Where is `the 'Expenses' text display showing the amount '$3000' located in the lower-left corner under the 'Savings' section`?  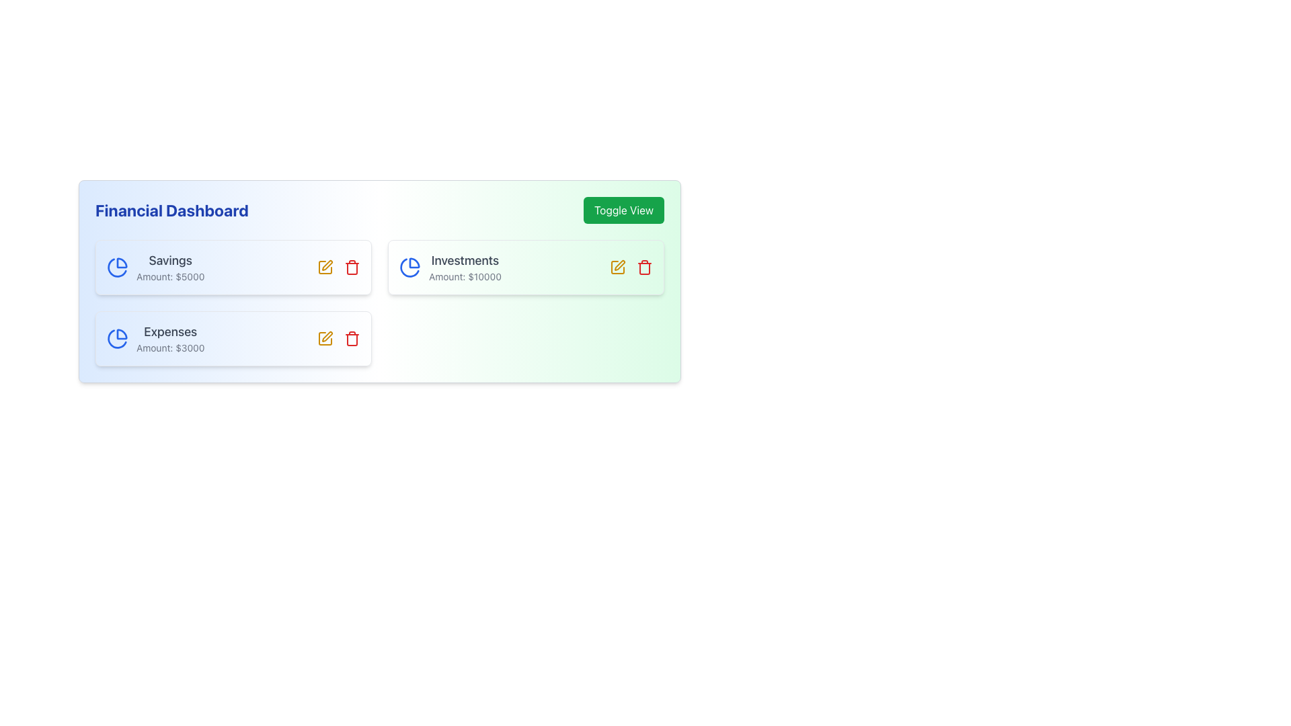
the 'Expenses' text display showing the amount '$3000' located in the lower-left corner under the 'Savings' section is located at coordinates (169, 338).